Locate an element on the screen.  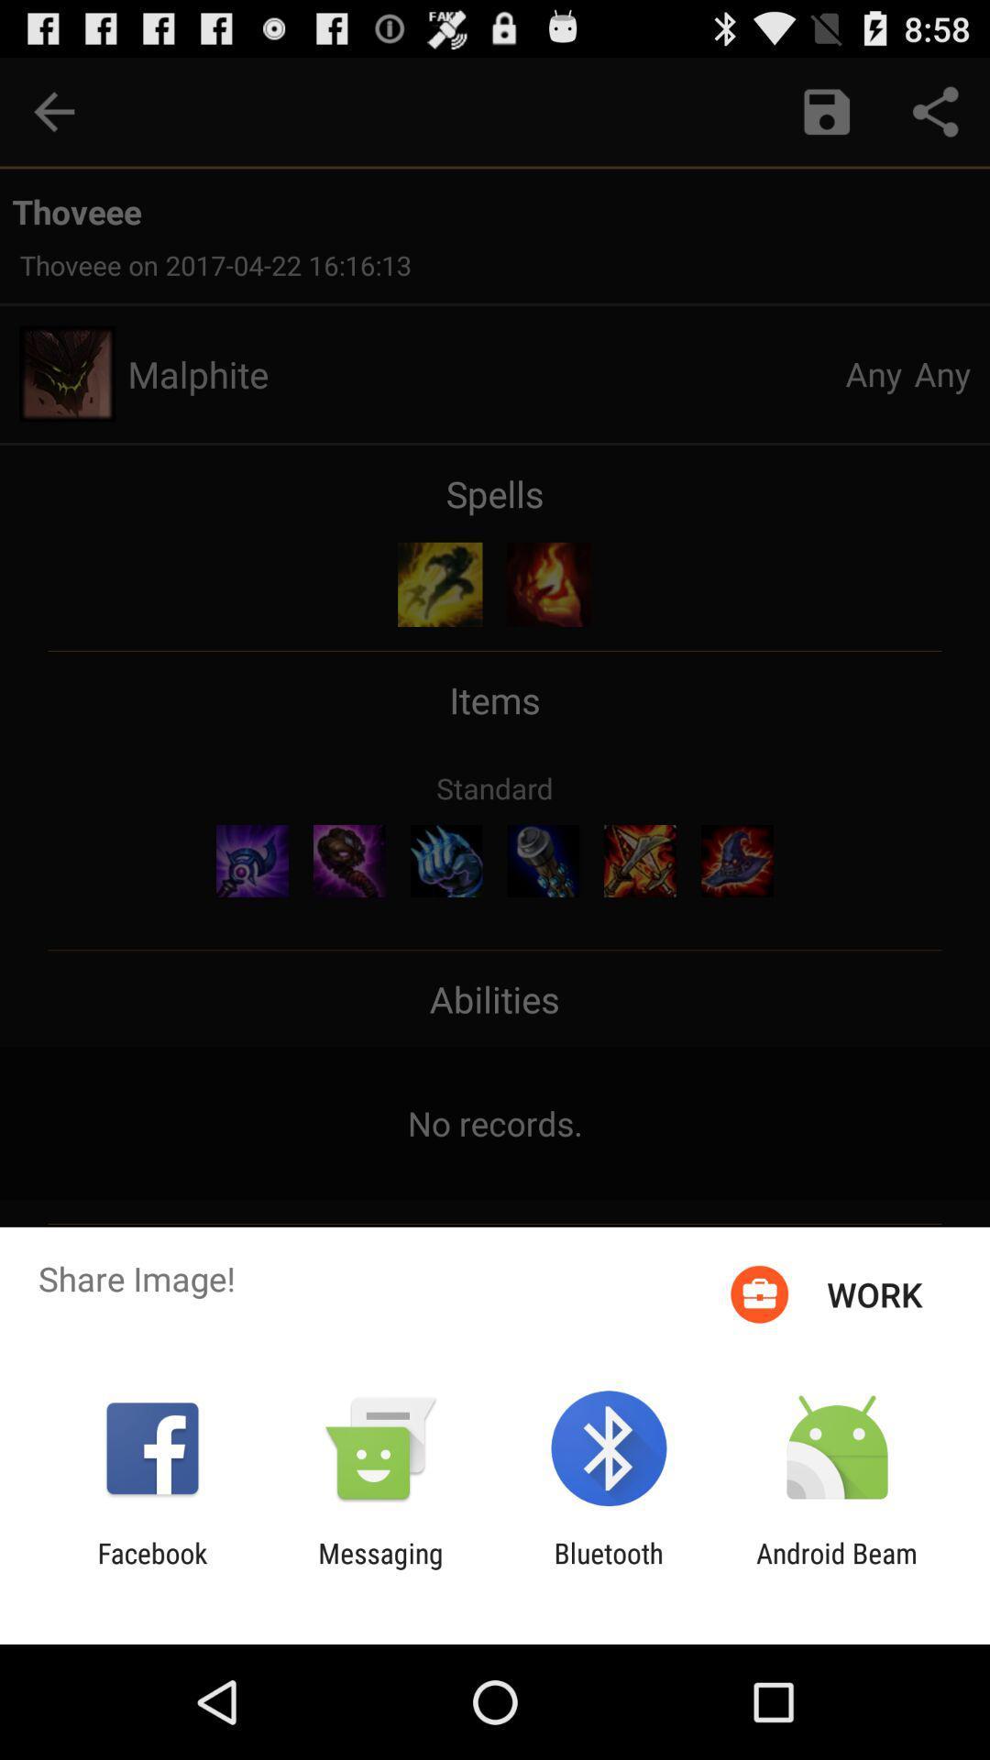
the item to the right of bluetooth icon is located at coordinates (837, 1568).